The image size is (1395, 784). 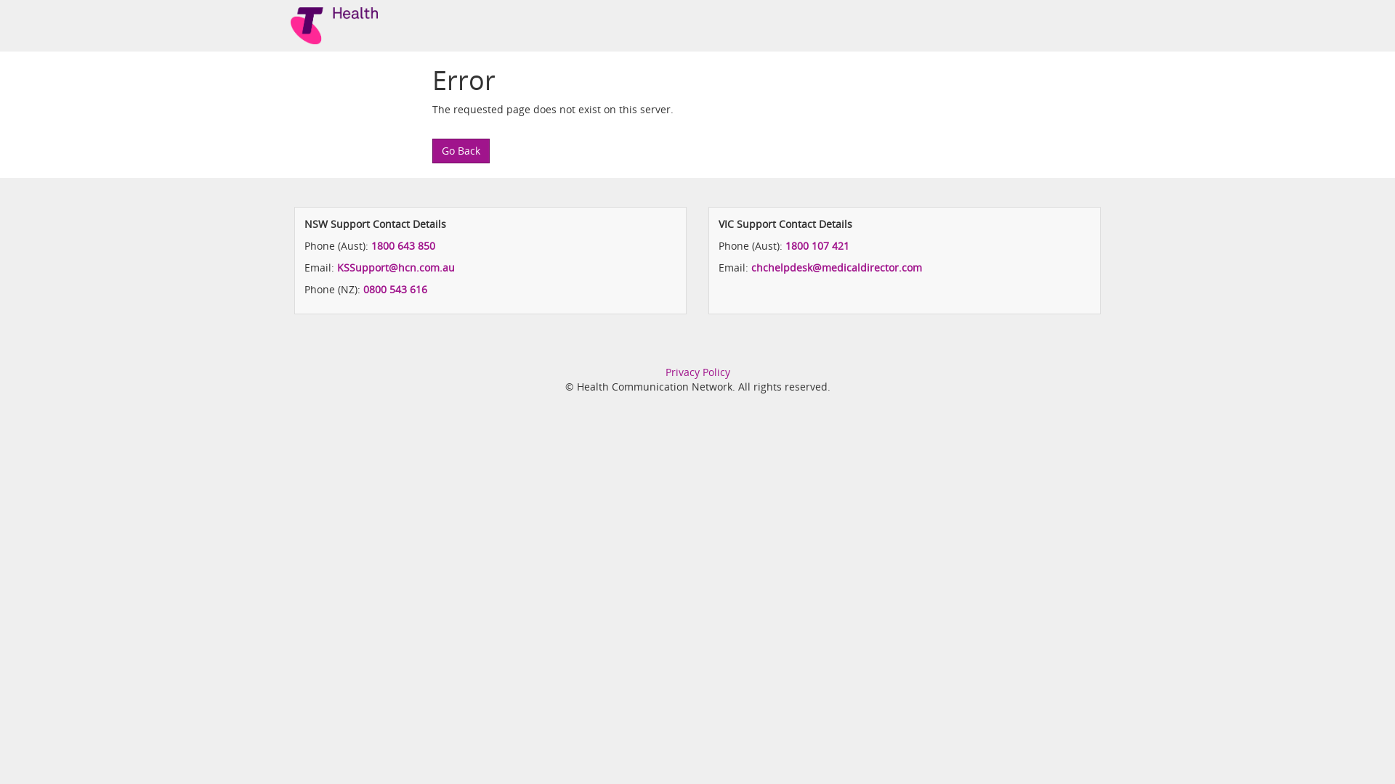 What do you see at coordinates (395, 289) in the screenshot?
I see `'0800 543 616'` at bounding box center [395, 289].